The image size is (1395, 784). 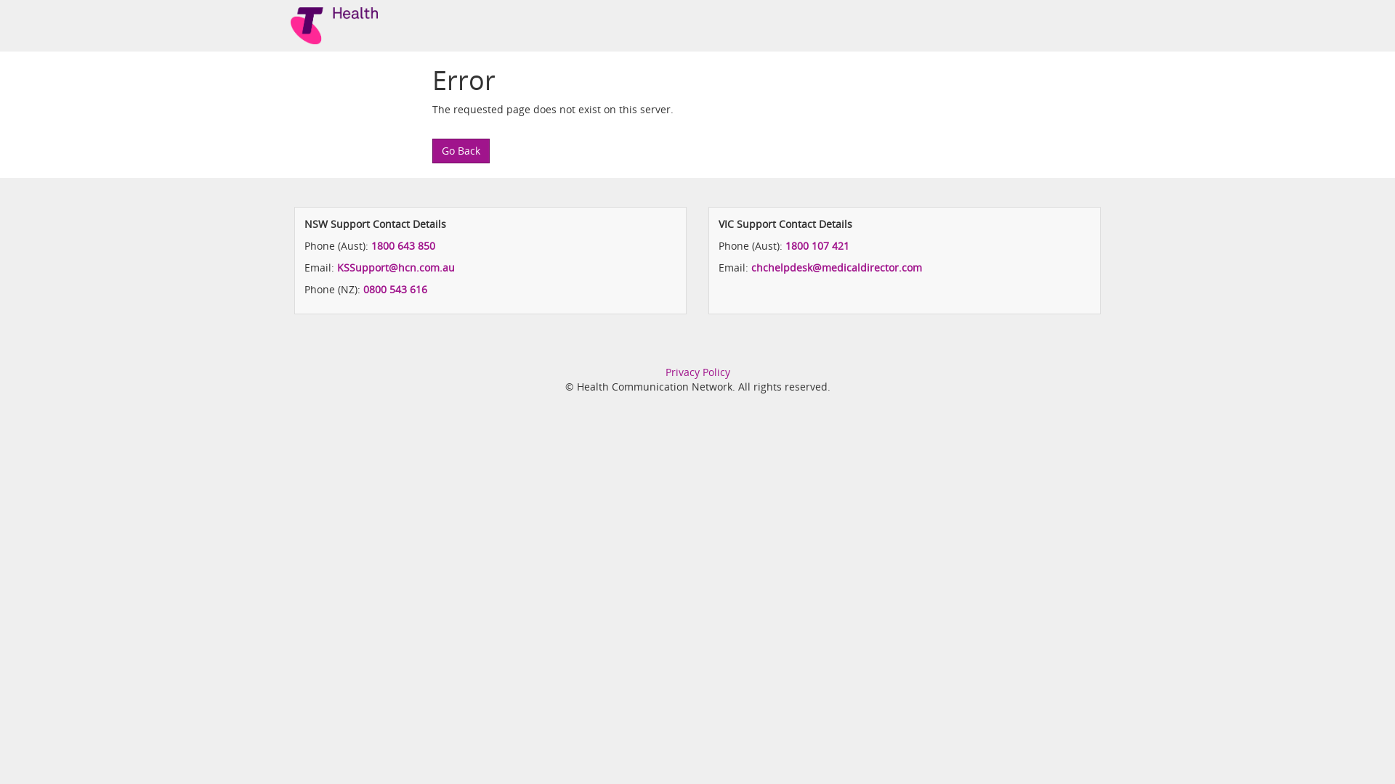 What do you see at coordinates (395, 289) in the screenshot?
I see `'0800 543 616'` at bounding box center [395, 289].